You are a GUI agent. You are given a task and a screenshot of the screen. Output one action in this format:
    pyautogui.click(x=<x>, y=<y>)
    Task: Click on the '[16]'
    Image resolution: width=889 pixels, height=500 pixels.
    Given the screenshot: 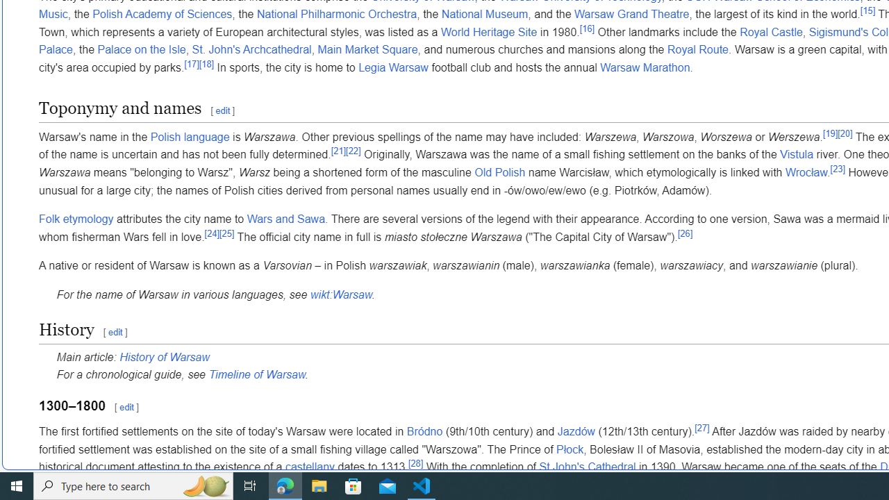 What is the action you would take?
    pyautogui.click(x=588, y=28)
    